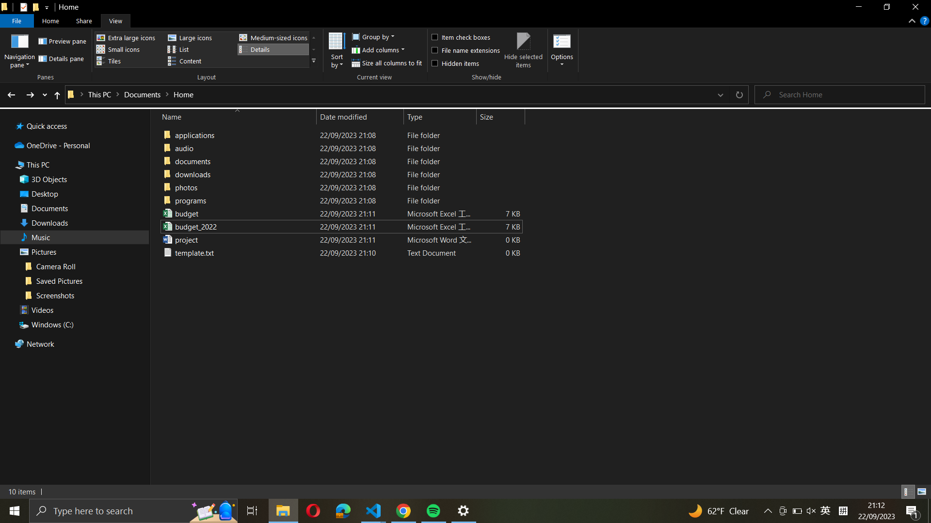 This screenshot has width=931, height=523. What do you see at coordinates (339, 251) in the screenshot?
I see `Move "template.txt" into the "downloads" folder of this same directory by dragging the file` at bounding box center [339, 251].